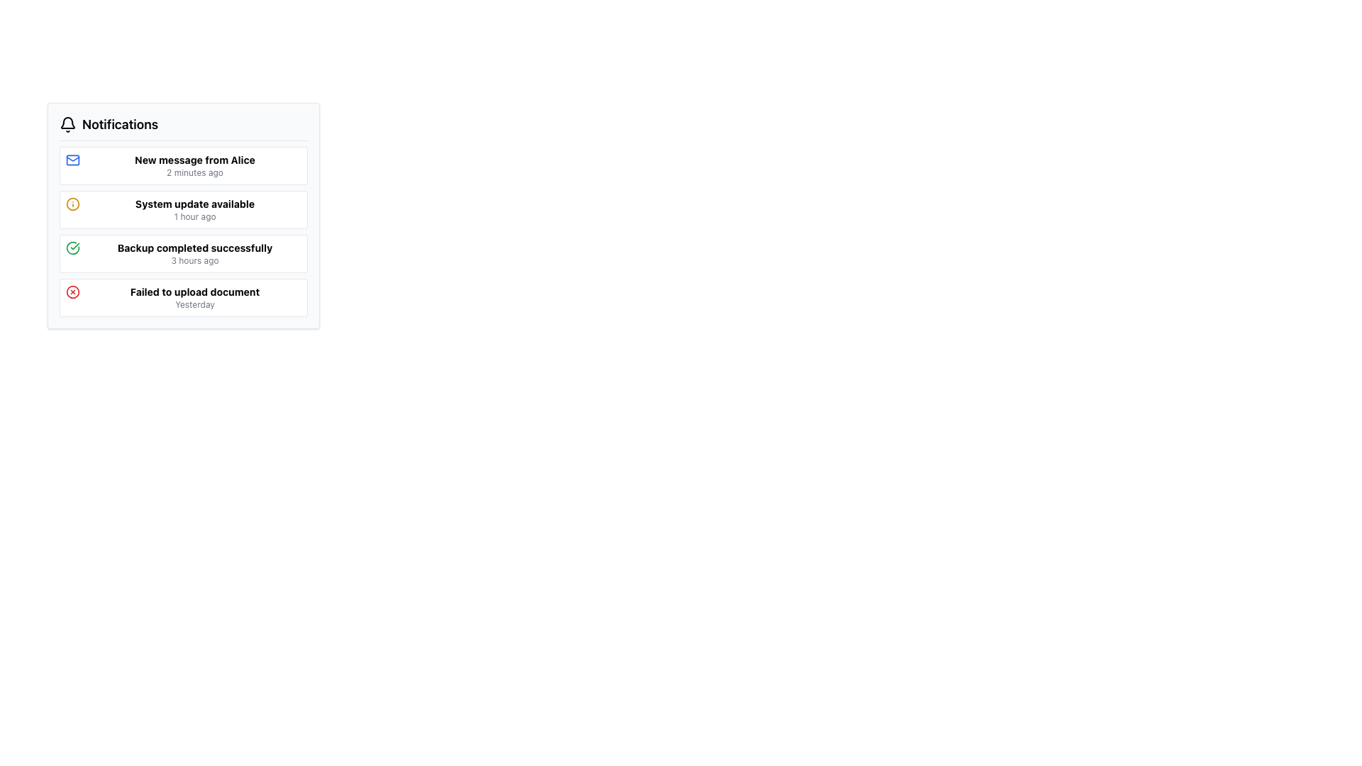 This screenshot has width=1362, height=766. What do you see at coordinates (72, 158) in the screenshot?
I see `the triangular line forming the top section of the envelope icon in the Notifications panel, which serves as a visual indicator for email or messages` at bounding box center [72, 158].